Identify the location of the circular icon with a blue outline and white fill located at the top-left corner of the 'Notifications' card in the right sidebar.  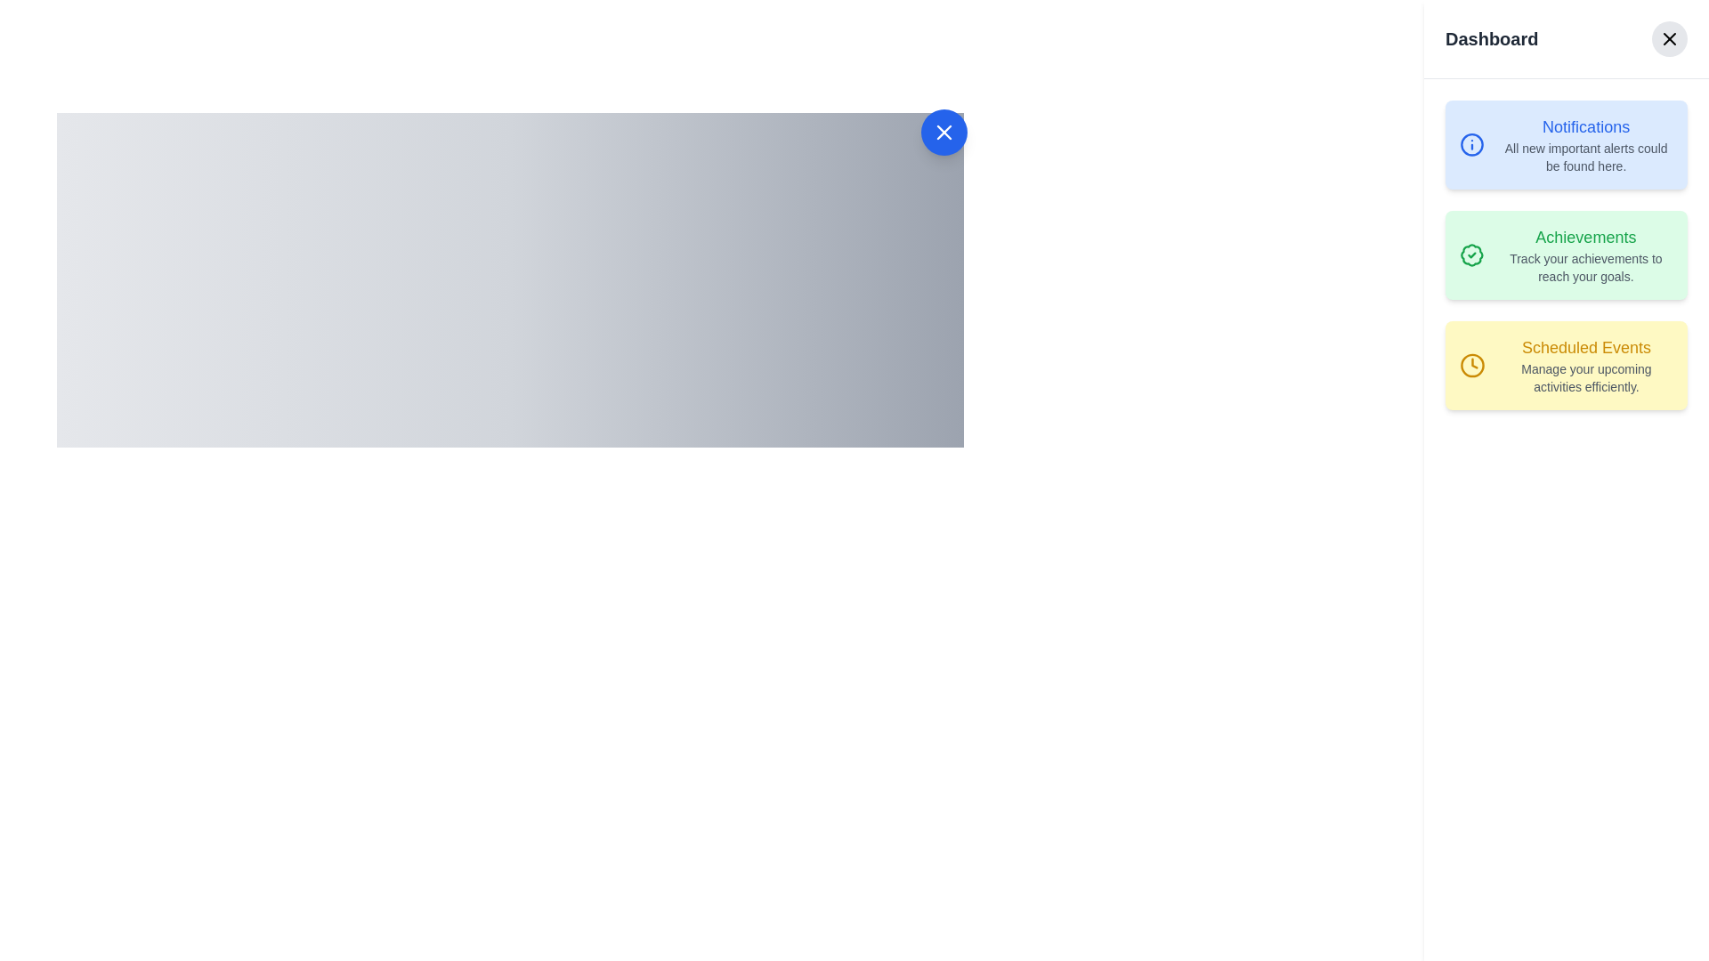
(1472, 143).